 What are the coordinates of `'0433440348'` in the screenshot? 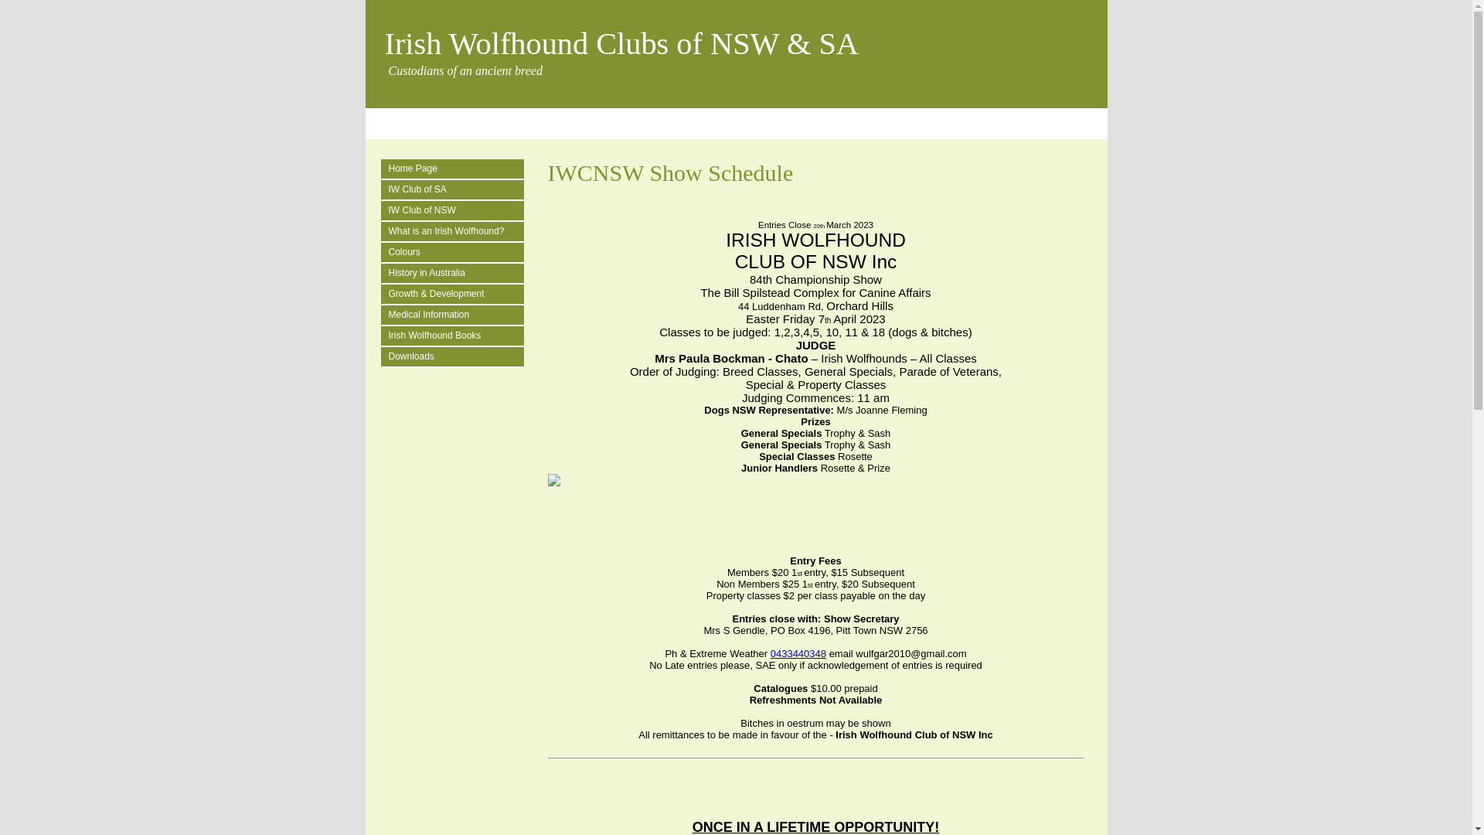 It's located at (798, 653).